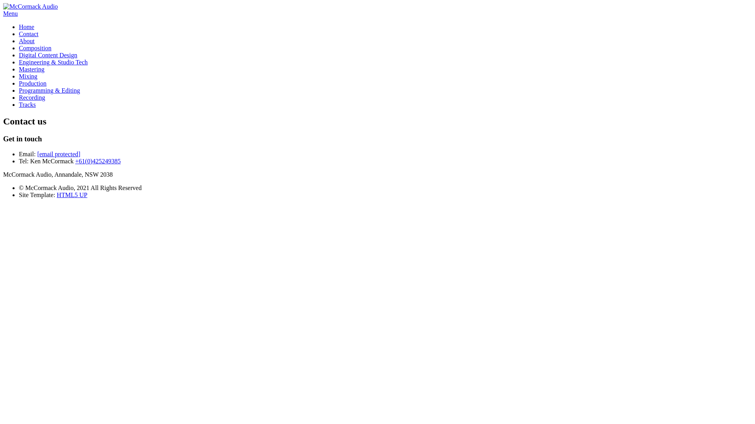 The width and height of the screenshot is (755, 424). I want to click on 'Mastering', so click(31, 69).